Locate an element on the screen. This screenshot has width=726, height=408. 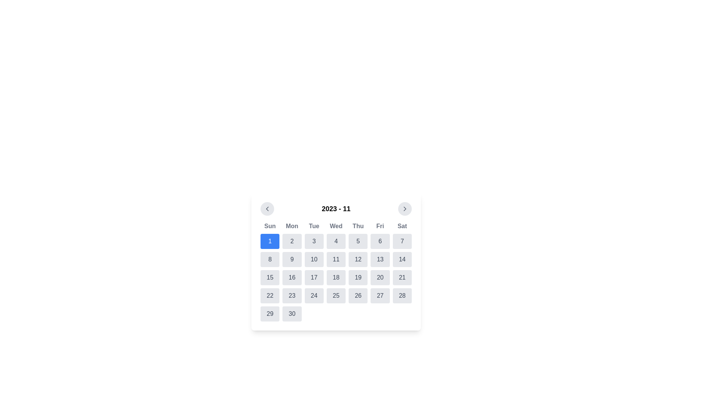
the button representing the date '14' in the calendar grid located in the sixth column of the second row is located at coordinates (402, 259).